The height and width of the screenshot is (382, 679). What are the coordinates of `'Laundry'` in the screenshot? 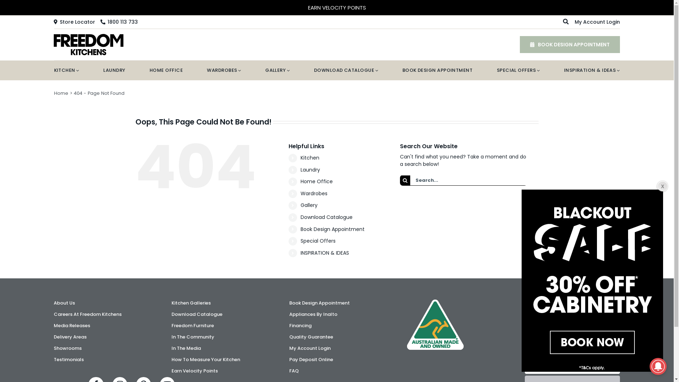 It's located at (310, 169).